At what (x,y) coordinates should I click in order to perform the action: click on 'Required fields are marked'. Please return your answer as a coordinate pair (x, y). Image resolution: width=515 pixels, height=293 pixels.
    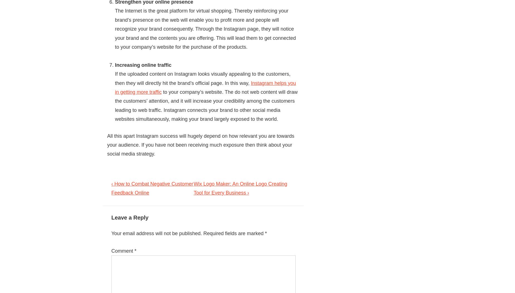
    Looking at the image, I should click on (234, 233).